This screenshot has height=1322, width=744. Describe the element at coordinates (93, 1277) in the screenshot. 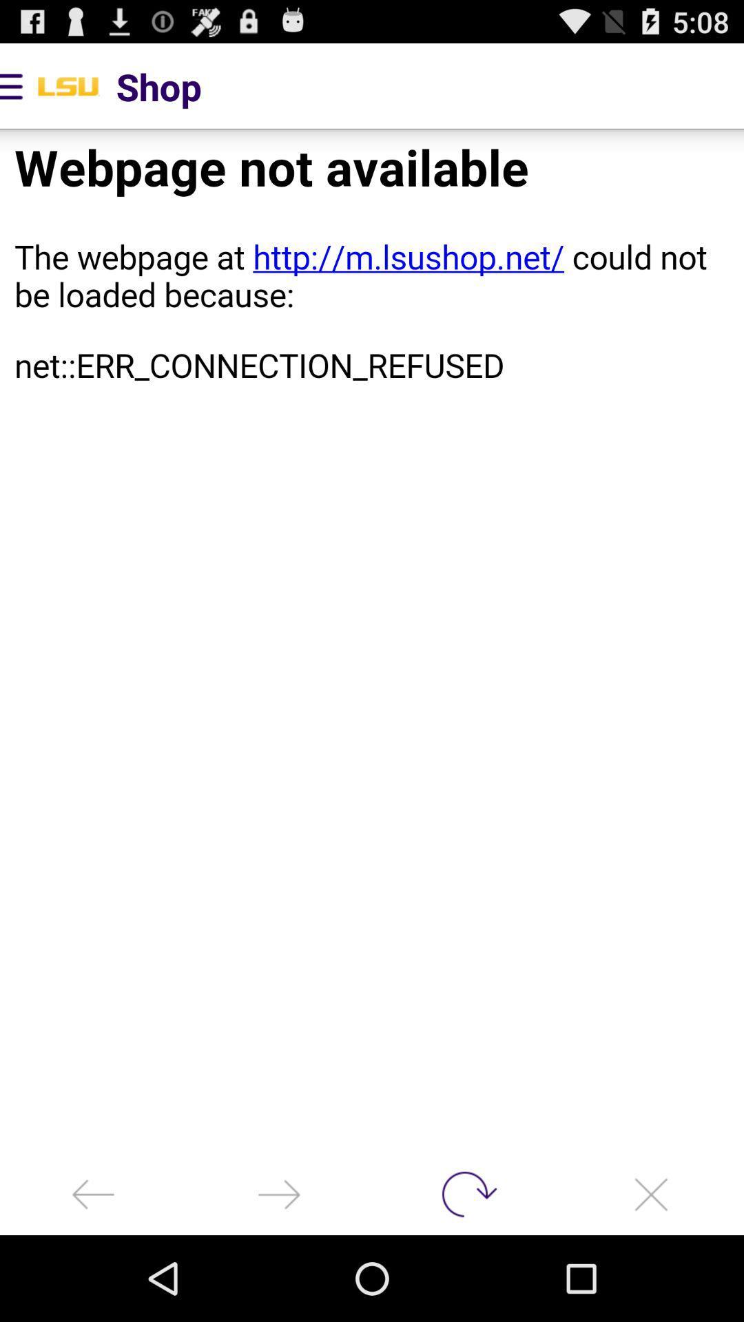

I see `the arrow_backward icon` at that location.